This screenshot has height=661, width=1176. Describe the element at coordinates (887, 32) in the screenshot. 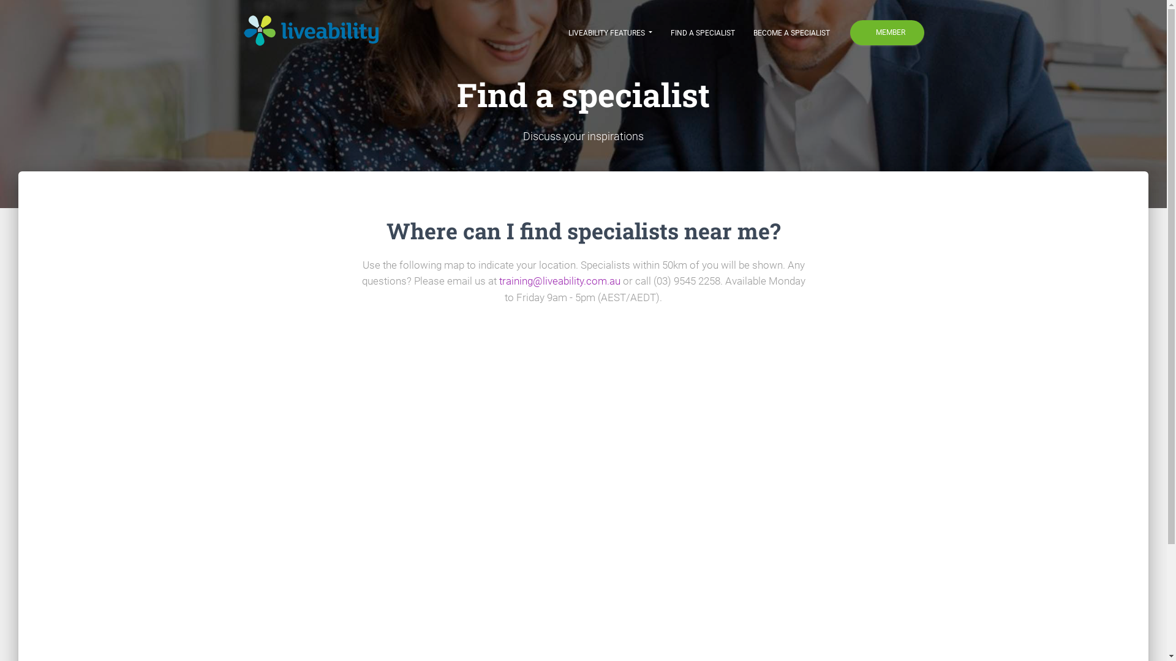

I see `'MEMBER'` at that location.